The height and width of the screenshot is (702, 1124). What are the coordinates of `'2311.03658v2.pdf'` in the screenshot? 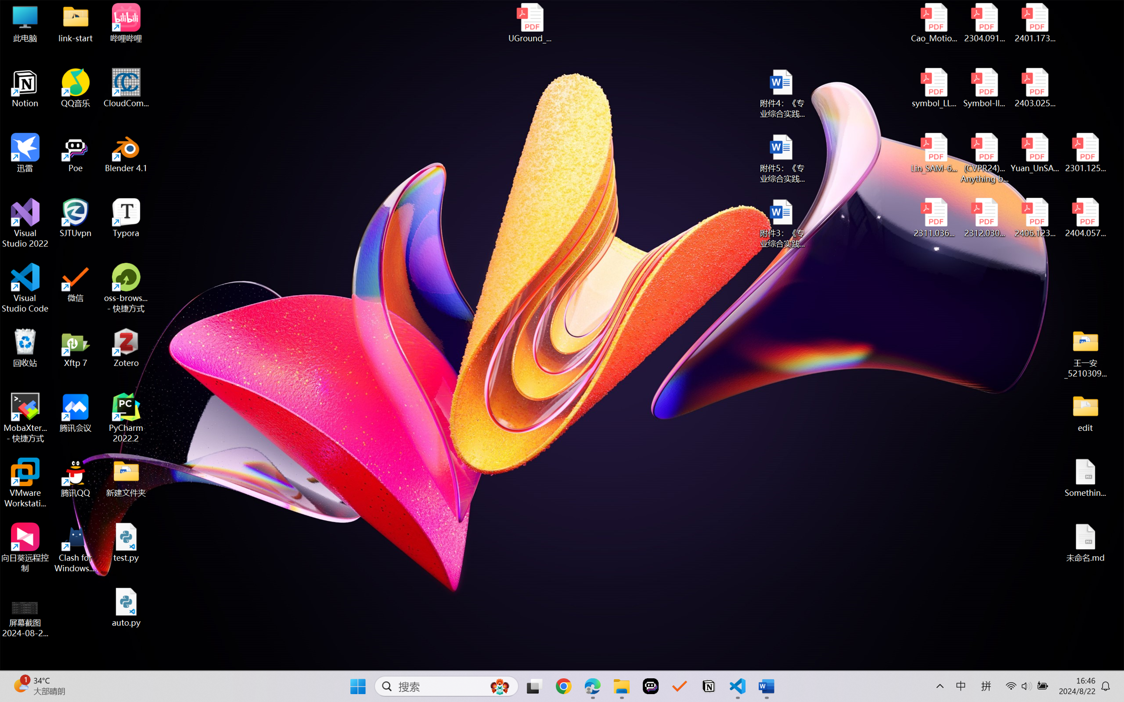 It's located at (934, 218).